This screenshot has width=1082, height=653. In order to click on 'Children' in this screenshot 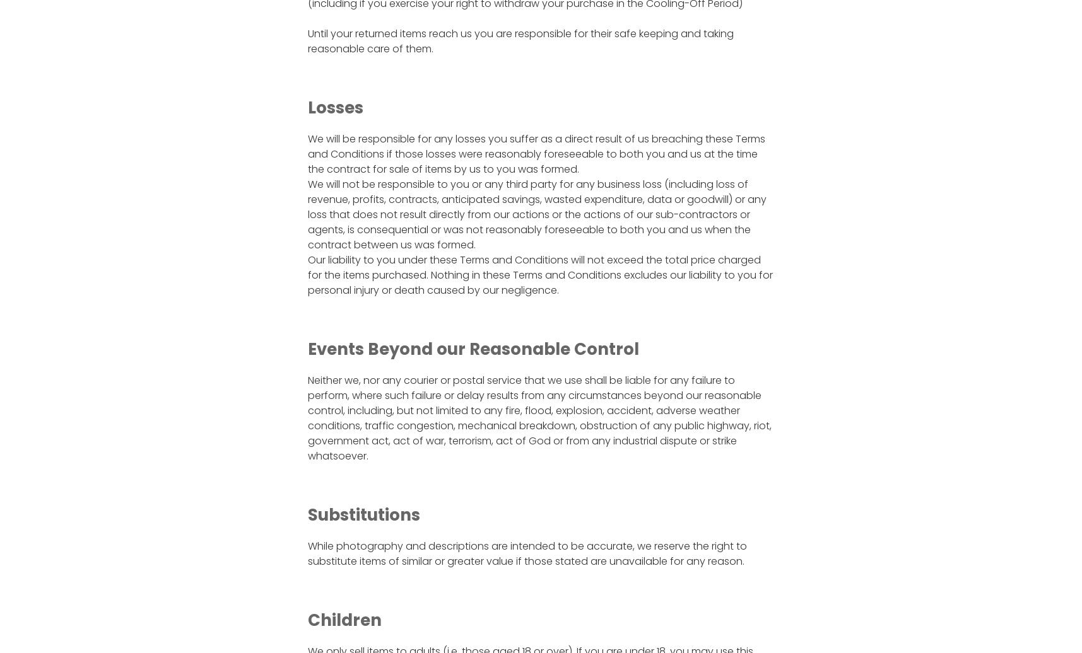, I will do `click(307, 619)`.